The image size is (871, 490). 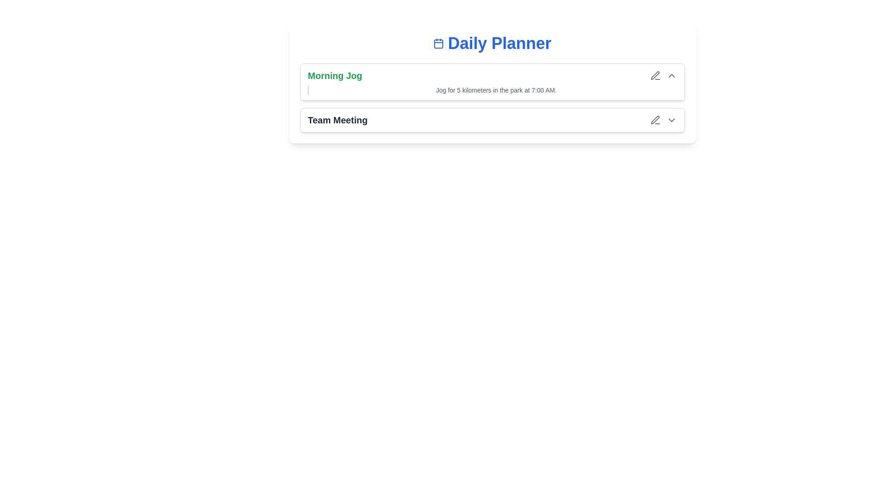 What do you see at coordinates (439, 44) in the screenshot?
I see `the main body of the calendar icon, which is a rounded rectangle with a border, located to the left of the 'Daily Planner' text` at bounding box center [439, 44].